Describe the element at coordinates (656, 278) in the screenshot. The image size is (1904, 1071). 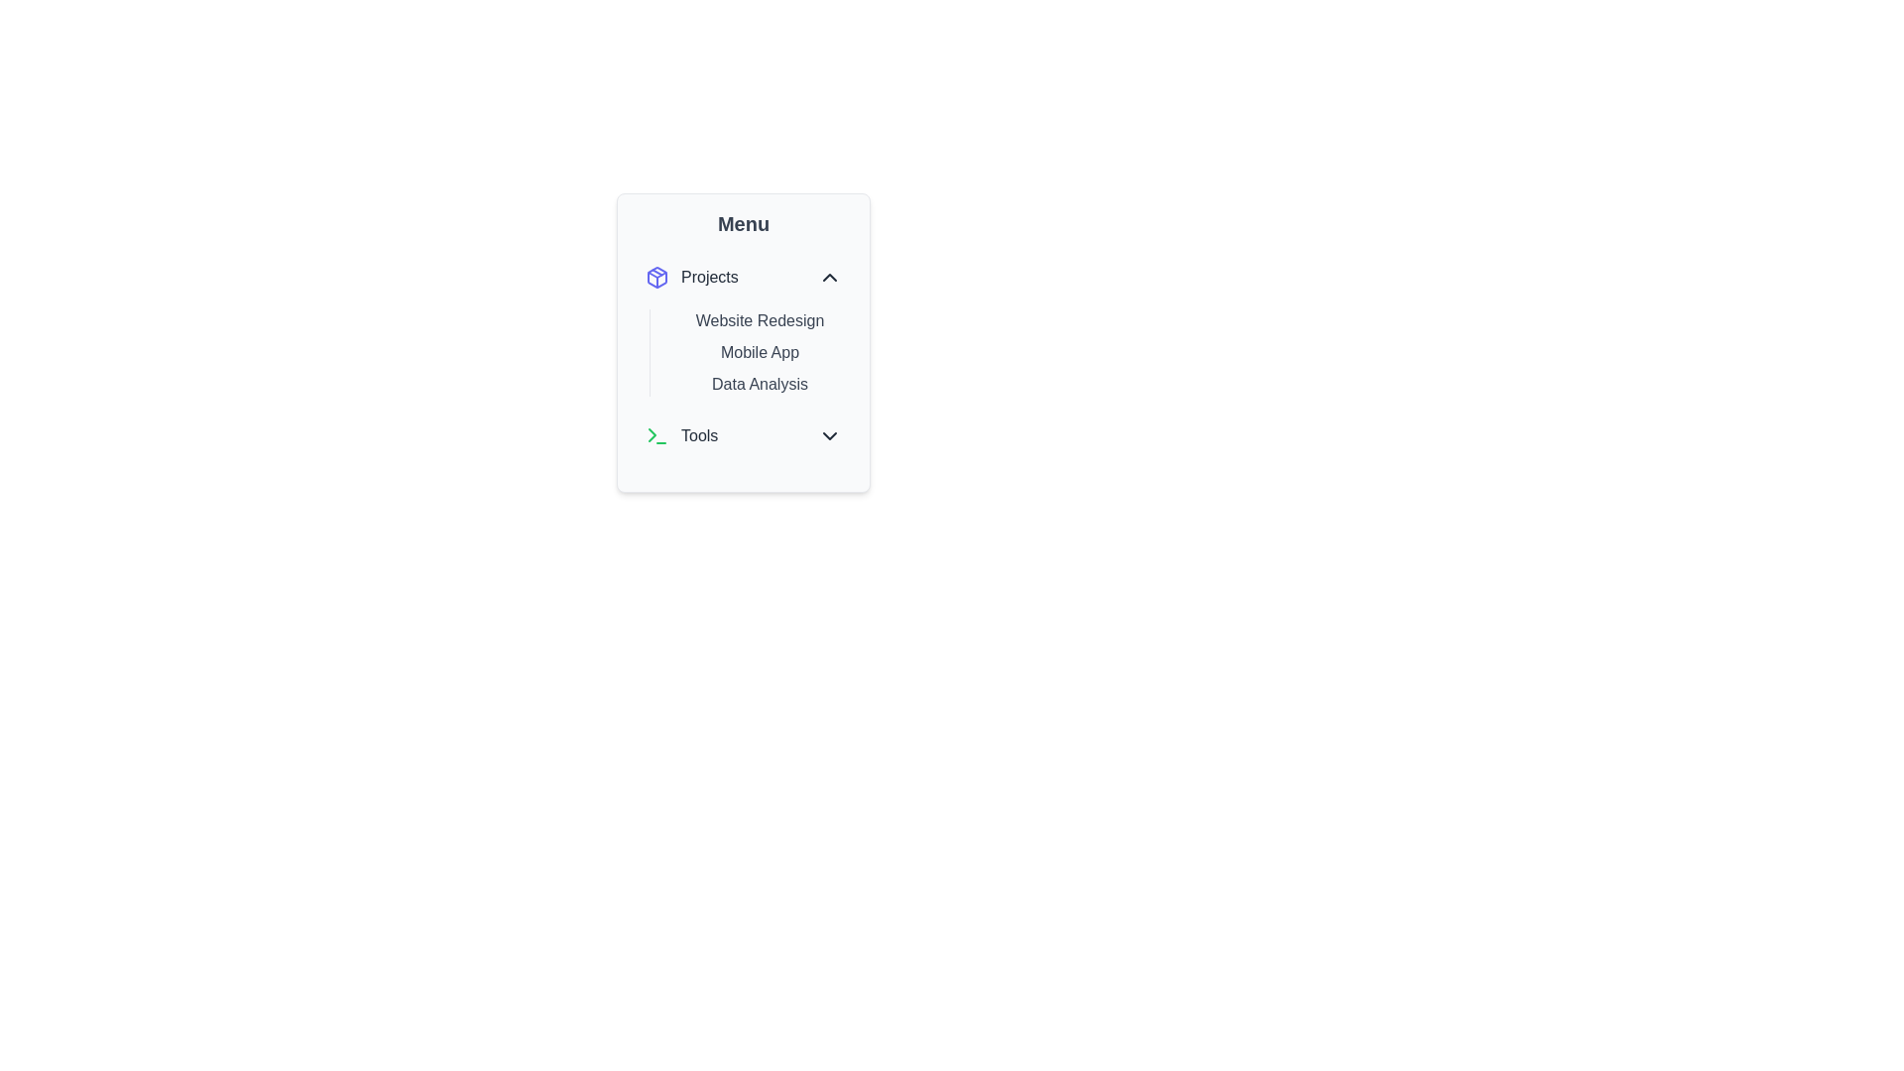
I see `the vibrant indigo colored 3D package icon located to the left of the 'Projects' text in the menu dropdown` at that location.